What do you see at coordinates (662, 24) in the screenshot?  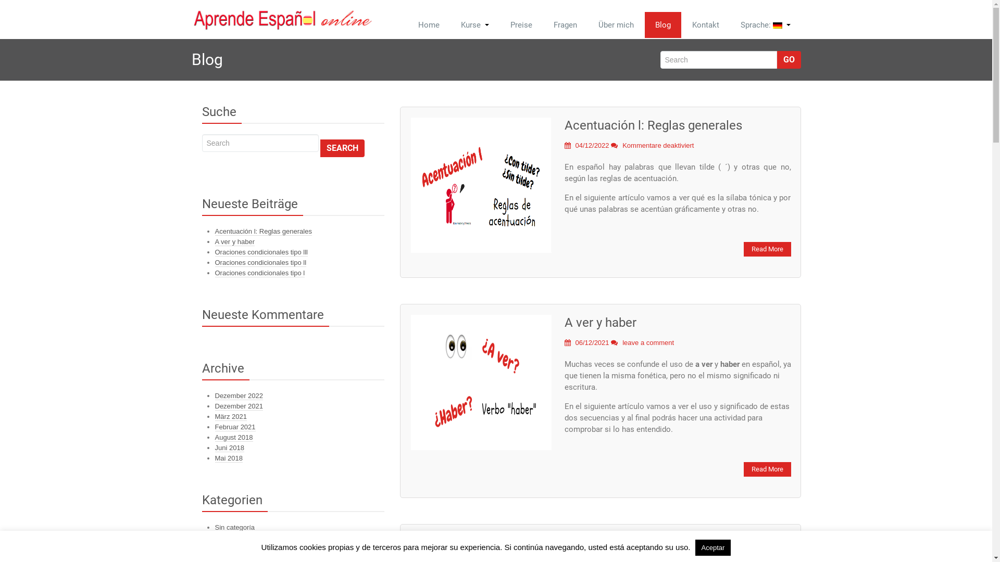 I see `'Blog'` at bounding box center [662, 24].